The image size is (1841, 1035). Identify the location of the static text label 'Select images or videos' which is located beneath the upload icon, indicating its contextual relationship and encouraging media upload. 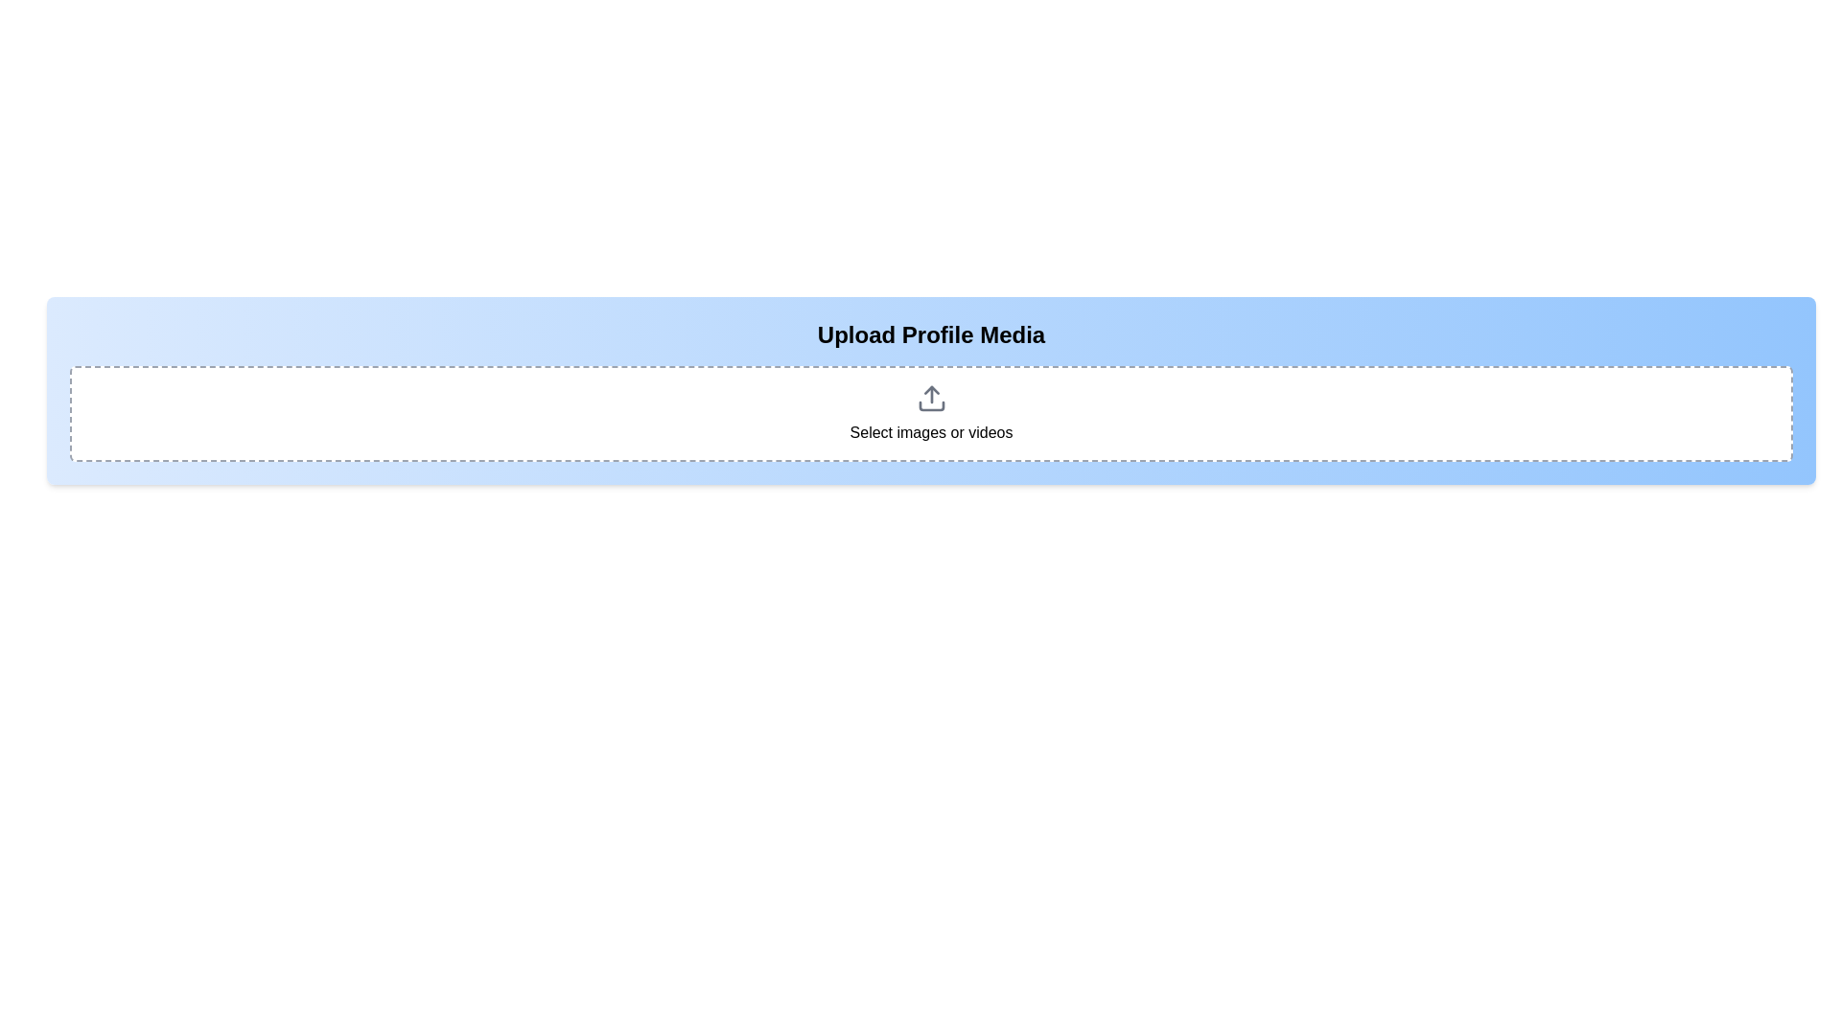
(931, 432).